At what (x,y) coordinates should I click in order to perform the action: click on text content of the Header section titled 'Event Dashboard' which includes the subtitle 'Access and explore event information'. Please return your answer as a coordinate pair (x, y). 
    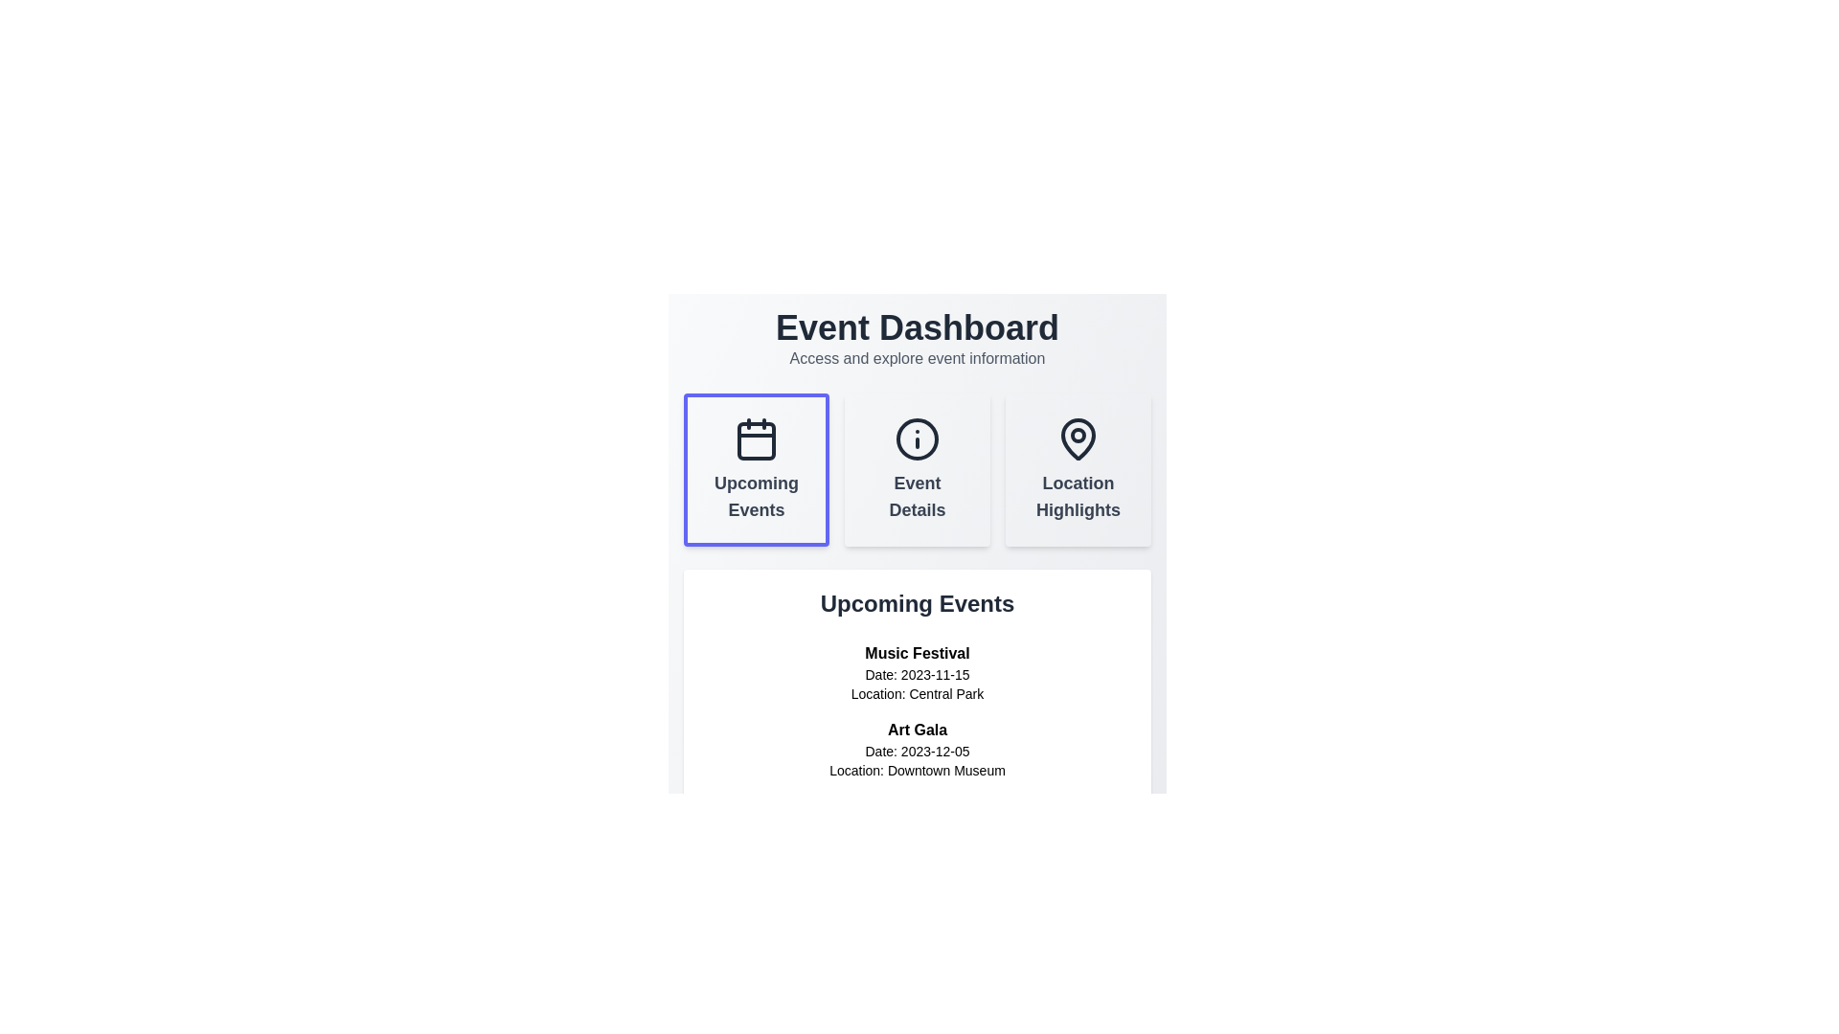
    Looking at the image, I should click on (917, 338).